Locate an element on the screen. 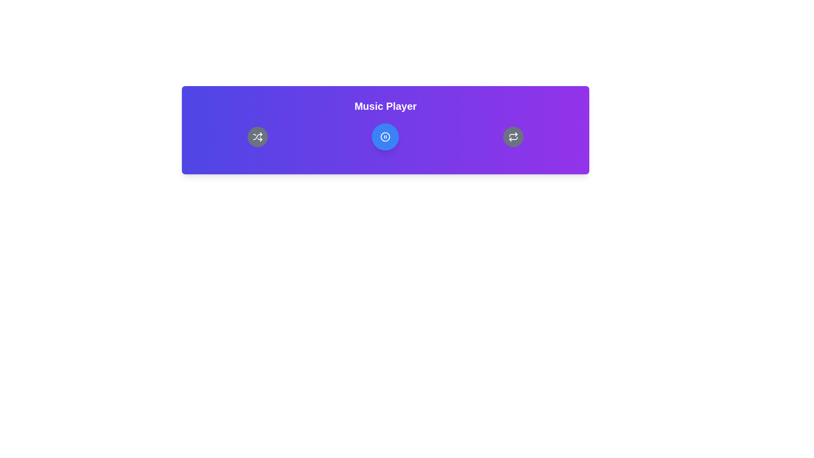 Image resolution: width=814 pixels, height=458 pixels. the pause button in the music player interface is located at coordinates (385, 137).